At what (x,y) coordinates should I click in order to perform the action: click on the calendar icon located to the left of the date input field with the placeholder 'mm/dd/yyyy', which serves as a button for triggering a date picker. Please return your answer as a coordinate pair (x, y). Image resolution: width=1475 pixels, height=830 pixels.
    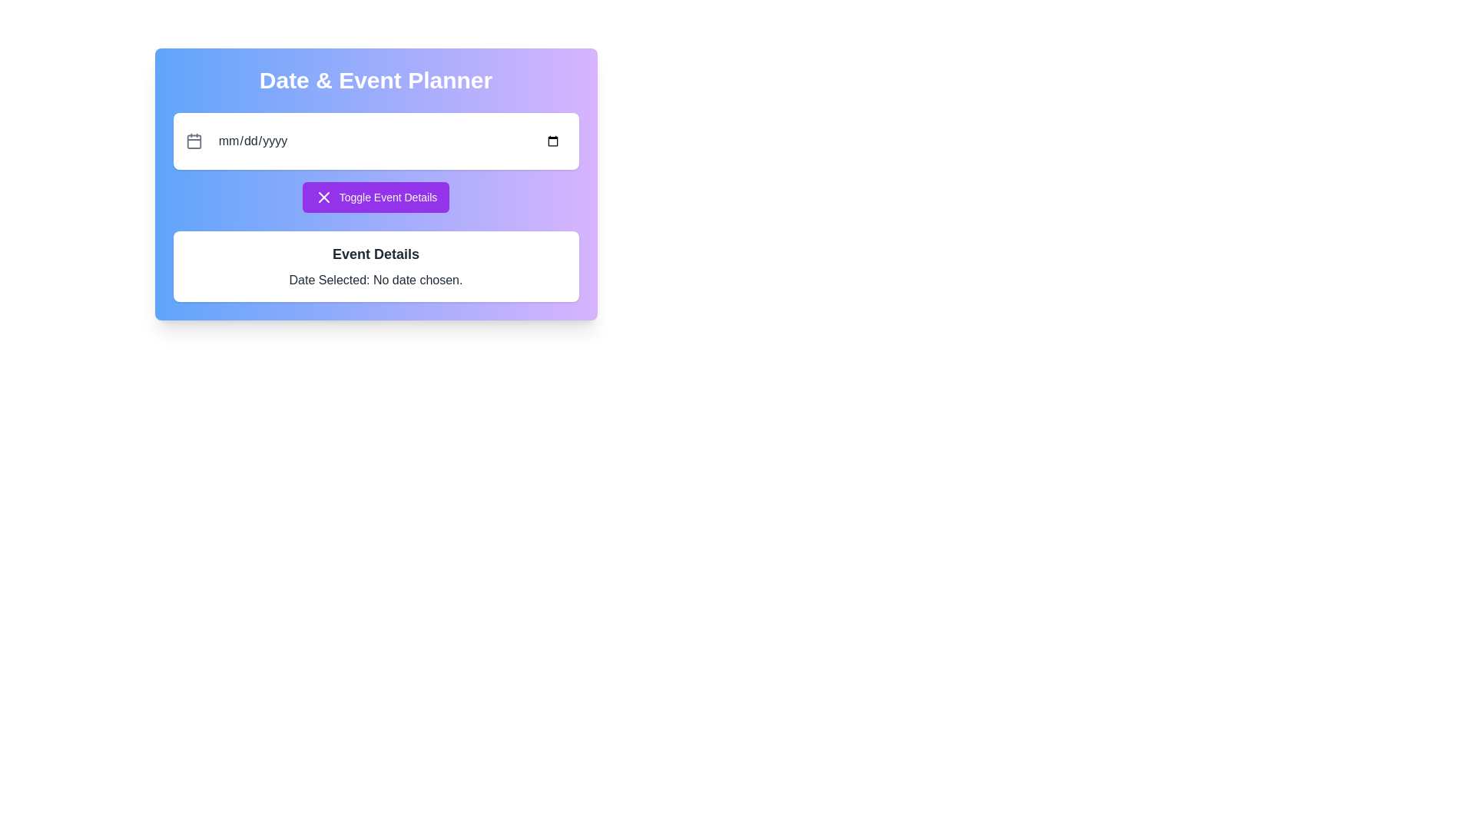
    Looking at the image, I should click on (193, 141).